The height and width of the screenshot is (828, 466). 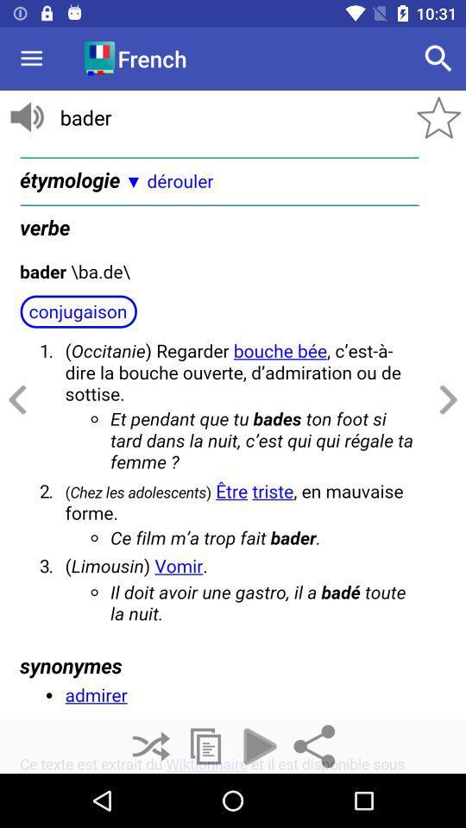 I want to click on the volume icon, so click(x=26, y=116).